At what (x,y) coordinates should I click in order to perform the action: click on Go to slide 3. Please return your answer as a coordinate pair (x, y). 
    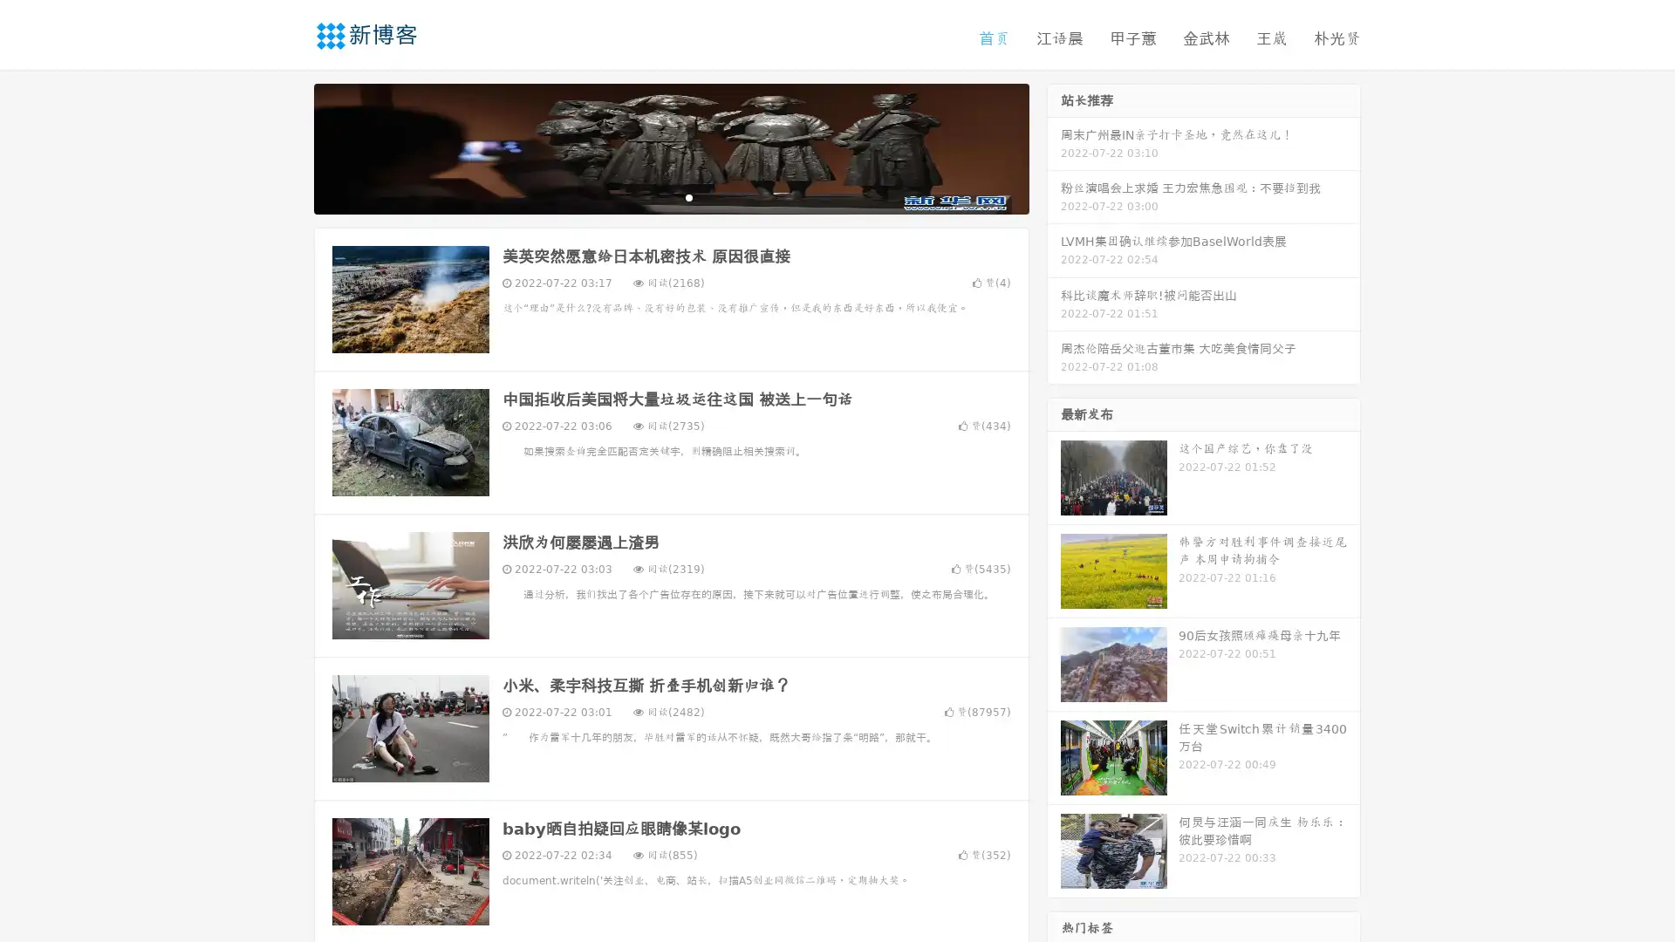
    Looking at the image, I should click on (688, 196).